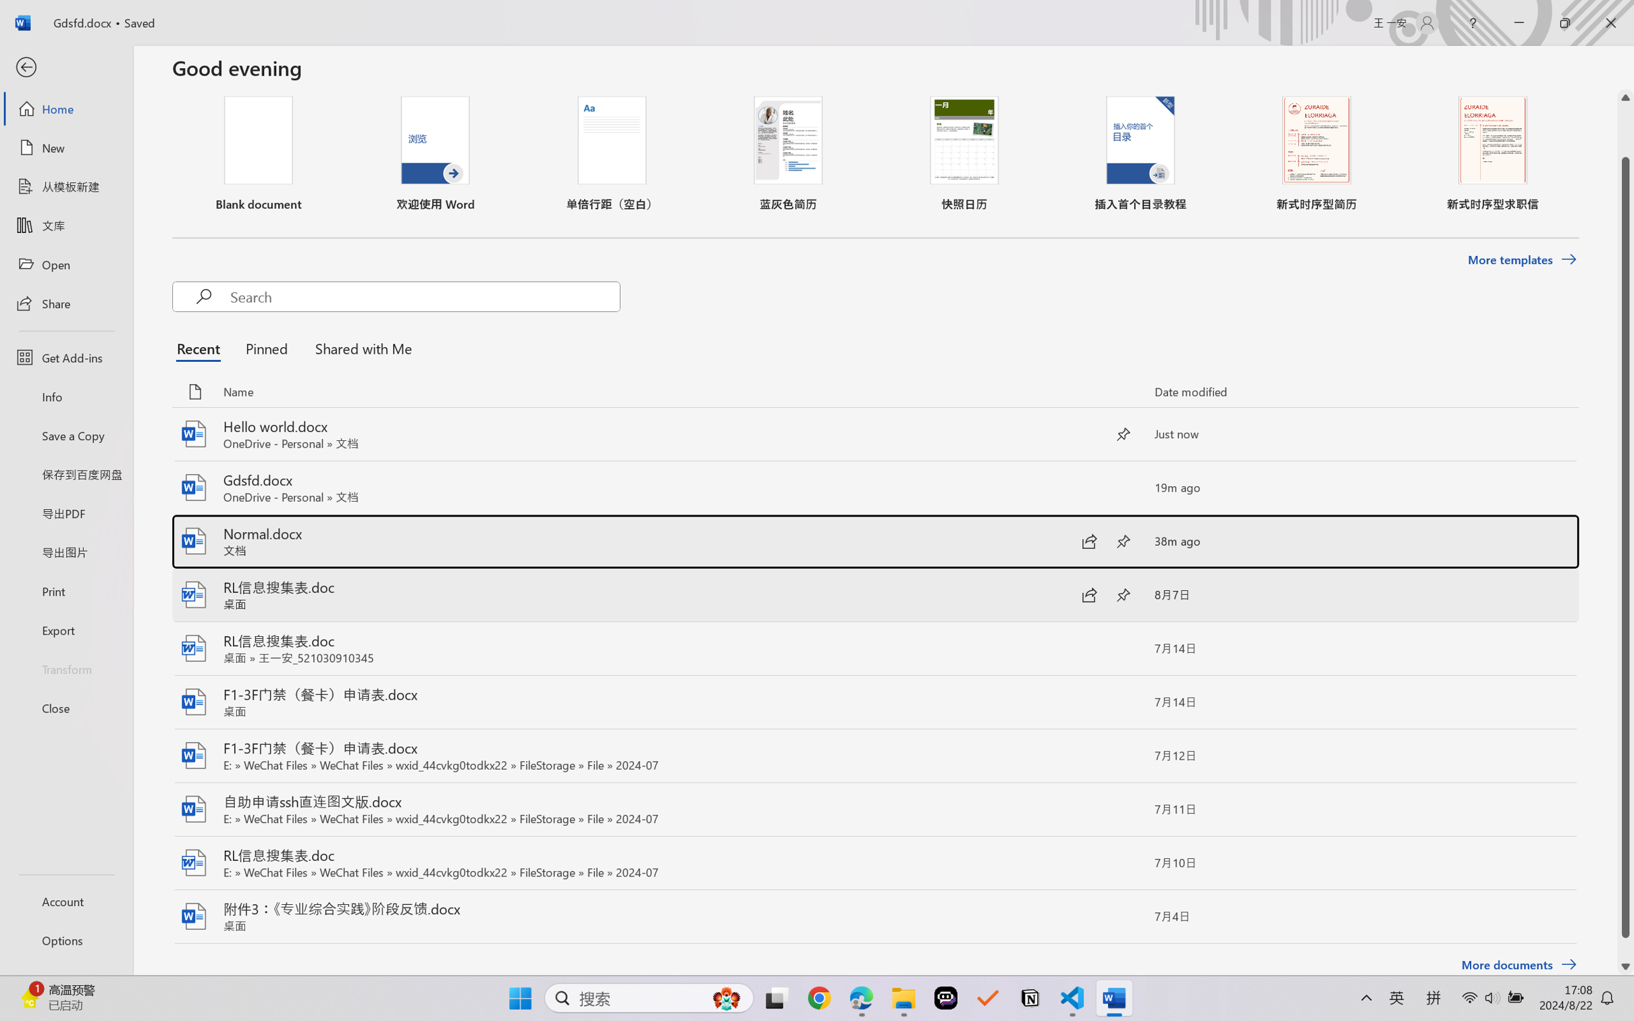  Describe the element at coordinates (1625, 97) in the screenshot. I see `'Line up'` at that location.